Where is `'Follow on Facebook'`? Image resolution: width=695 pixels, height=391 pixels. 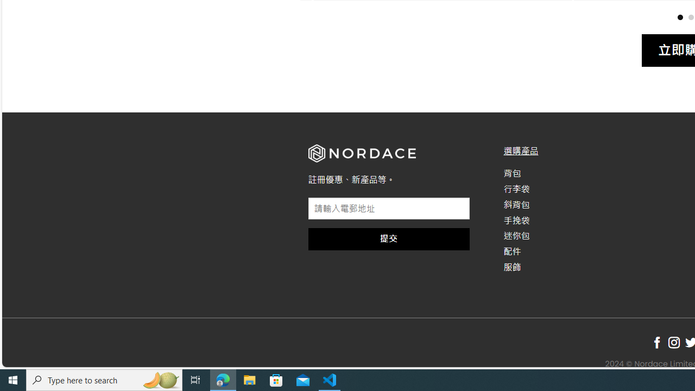
'Follow on Facebook' is located at coordinates (656, 343).